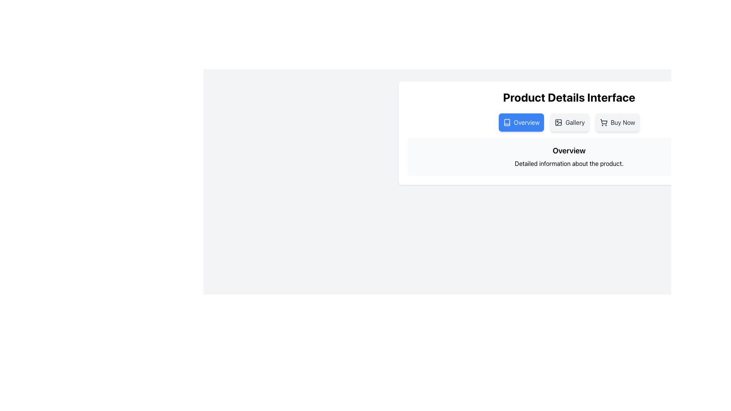  What do you see at coordinates (526, 122) in the screenshot?
I see `the 'Overview' text within the button label, which is styled with white text on a blue background and is located in the top-right section of the interface` at bounding box center [526, 122].